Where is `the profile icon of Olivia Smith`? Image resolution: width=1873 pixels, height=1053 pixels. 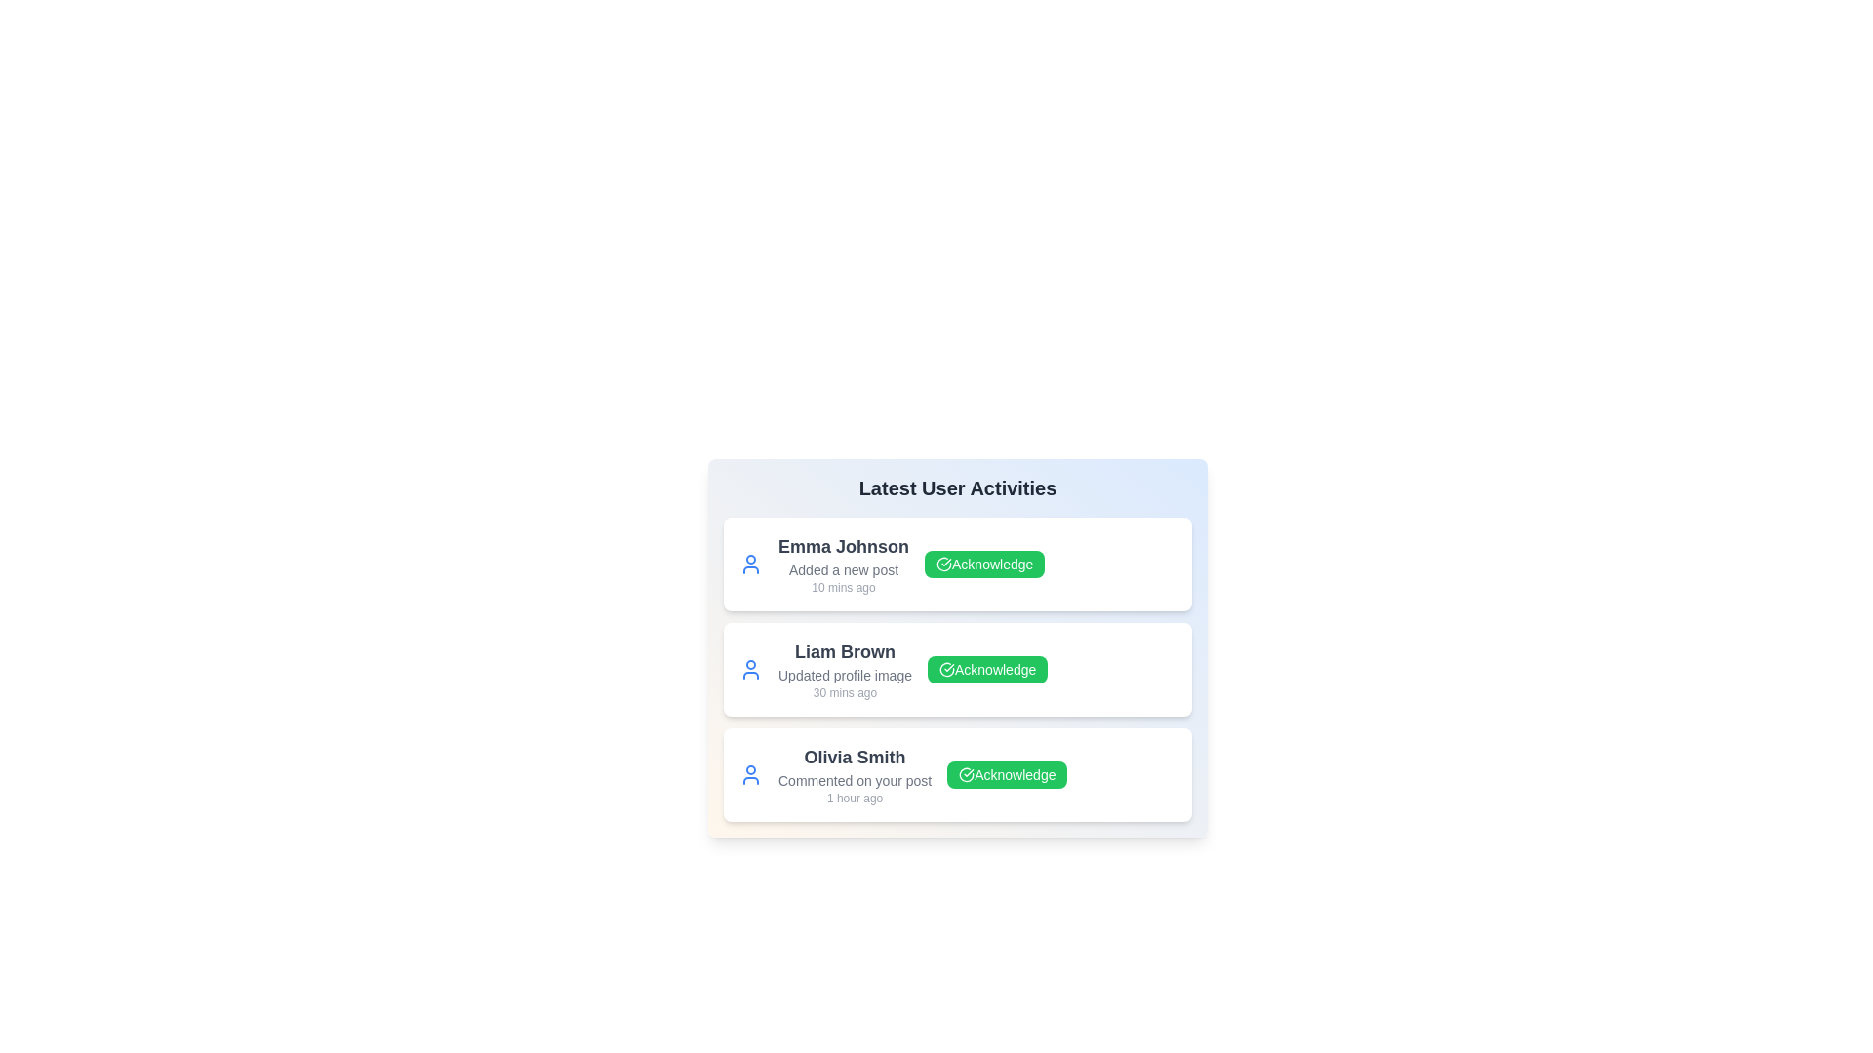
the profile icon of Olivia Smith is located at coordinates (749, 773).